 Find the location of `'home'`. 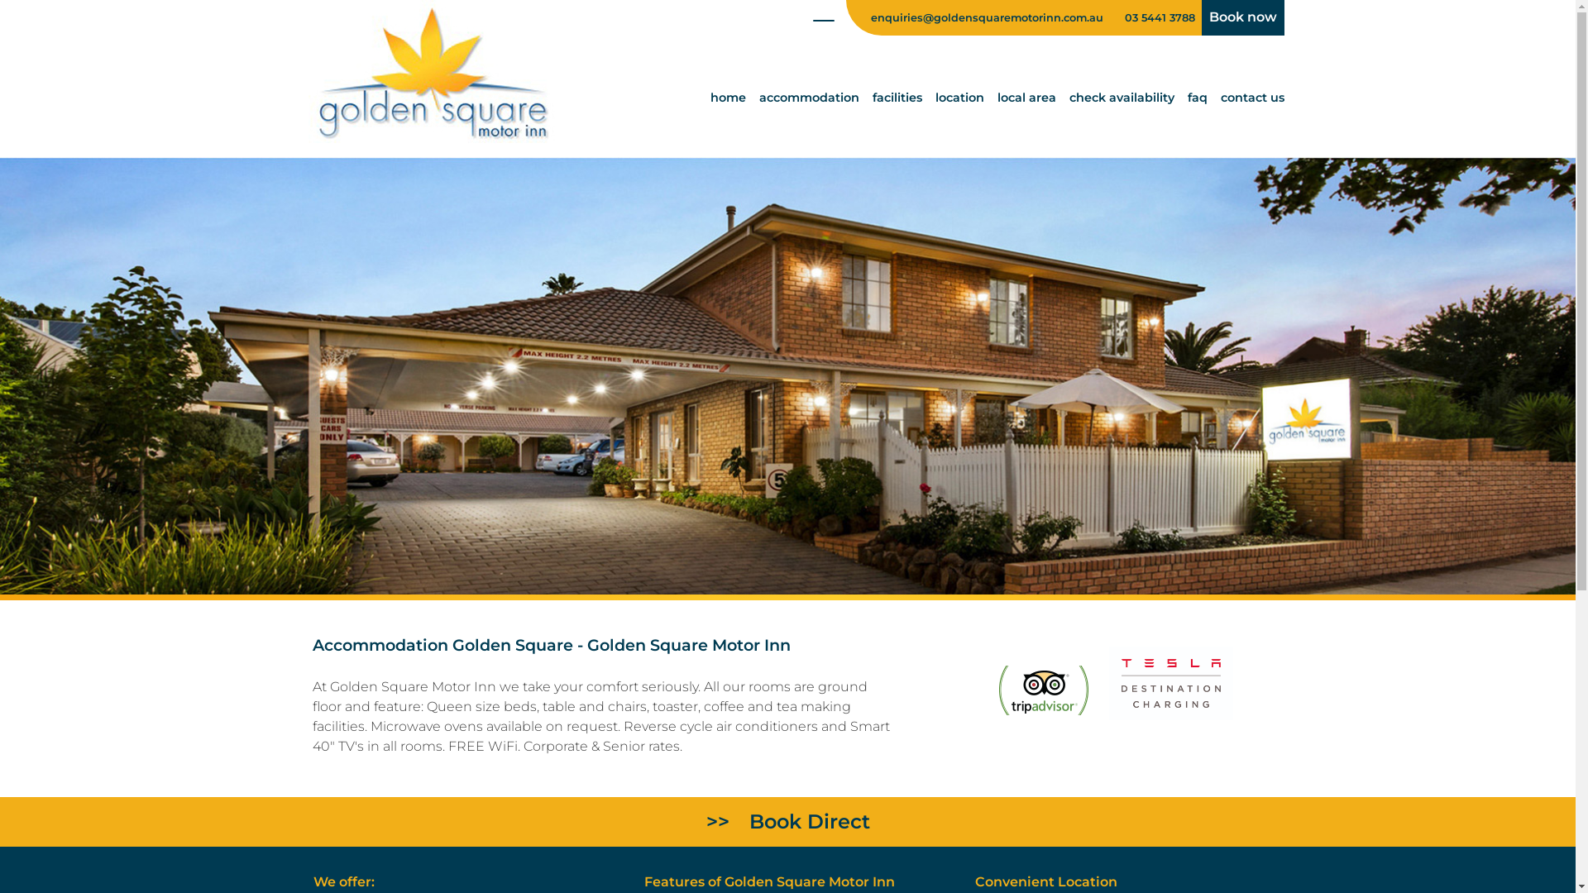

'home' is located at coordinates (727, 98).